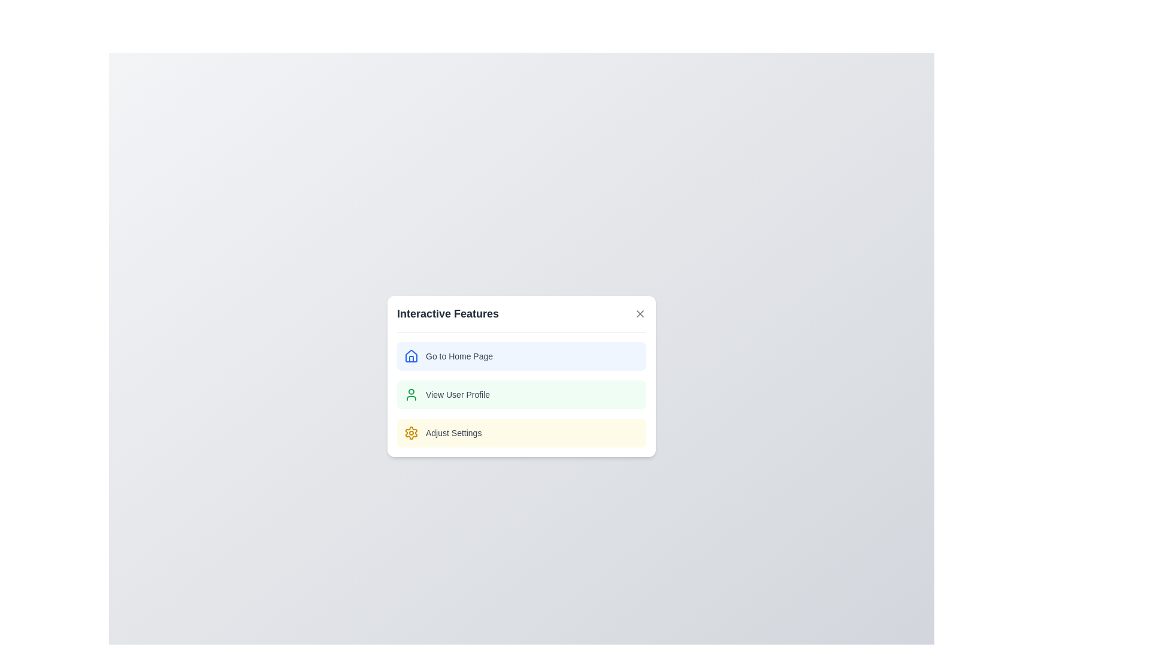  Describe the element at coordinates (411, 358) in the screenshot. I see `the decorative house icon that indicates 'Go to Home Page' located at the top of the first interactive feature in the 'Interactive Features' modal` at that location.